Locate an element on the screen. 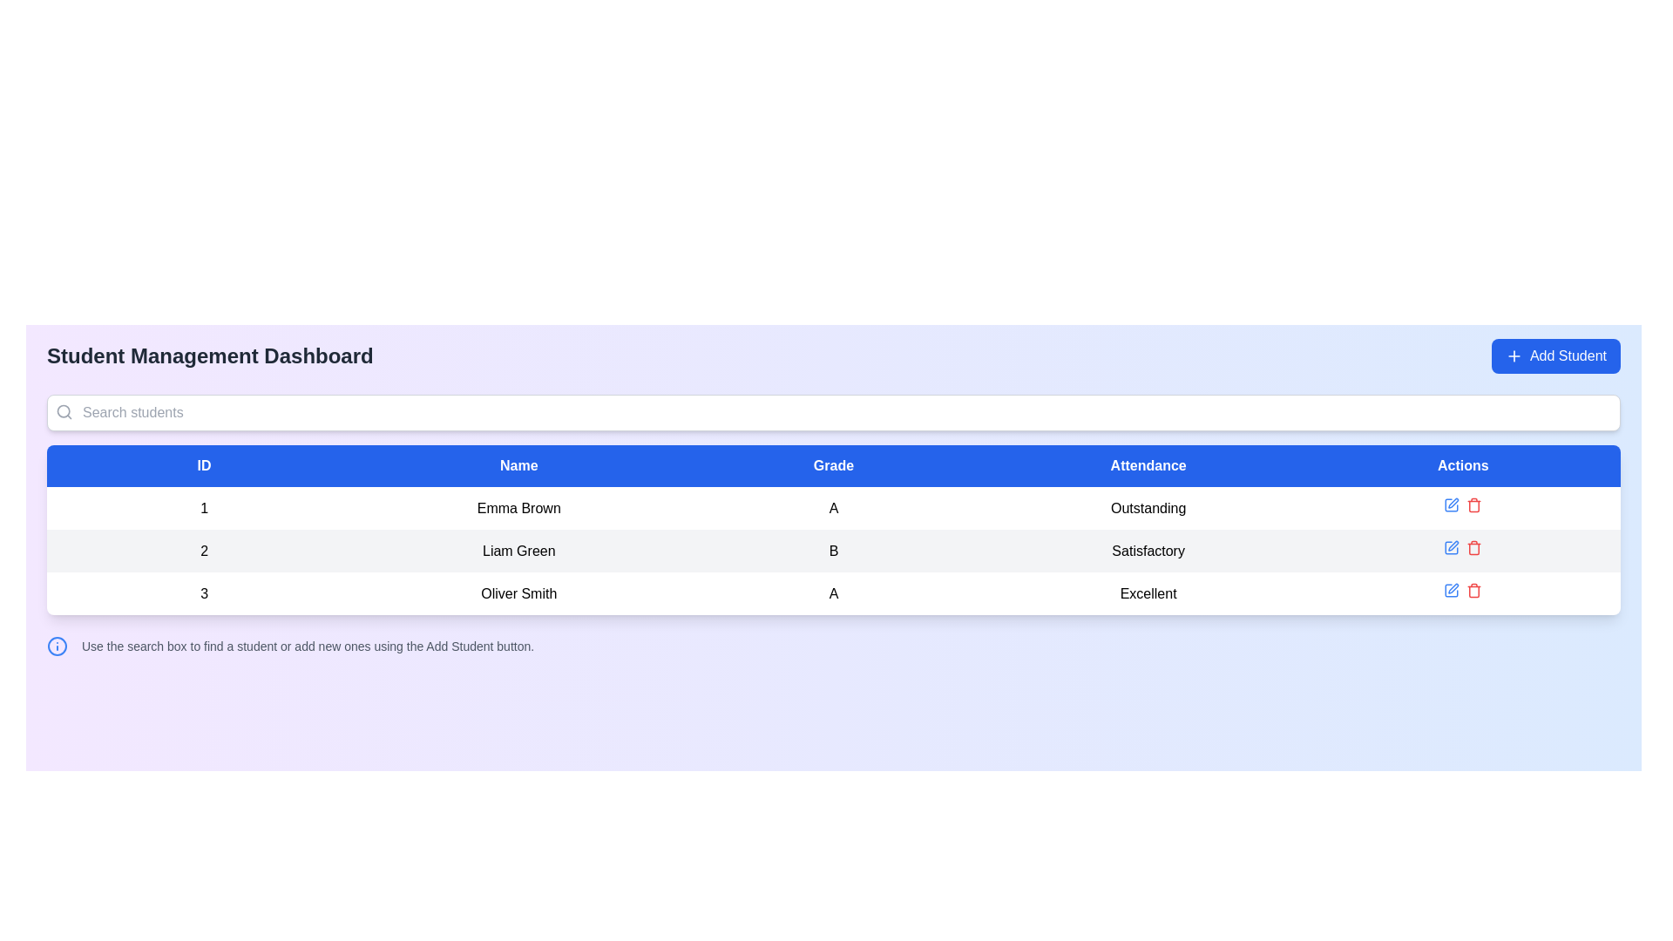 This screenshot has width=1673, height=941. the red trash can icon button located on the rightmost side of the 'Actions' column in the table row for 'Oliver Smith' is located at coordinates (1473, 590).